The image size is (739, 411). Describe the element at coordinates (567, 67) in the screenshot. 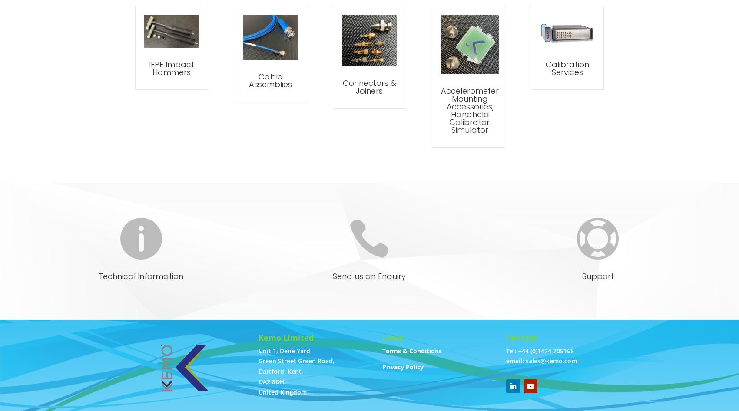

I see `'Calibration Services'` at that location.